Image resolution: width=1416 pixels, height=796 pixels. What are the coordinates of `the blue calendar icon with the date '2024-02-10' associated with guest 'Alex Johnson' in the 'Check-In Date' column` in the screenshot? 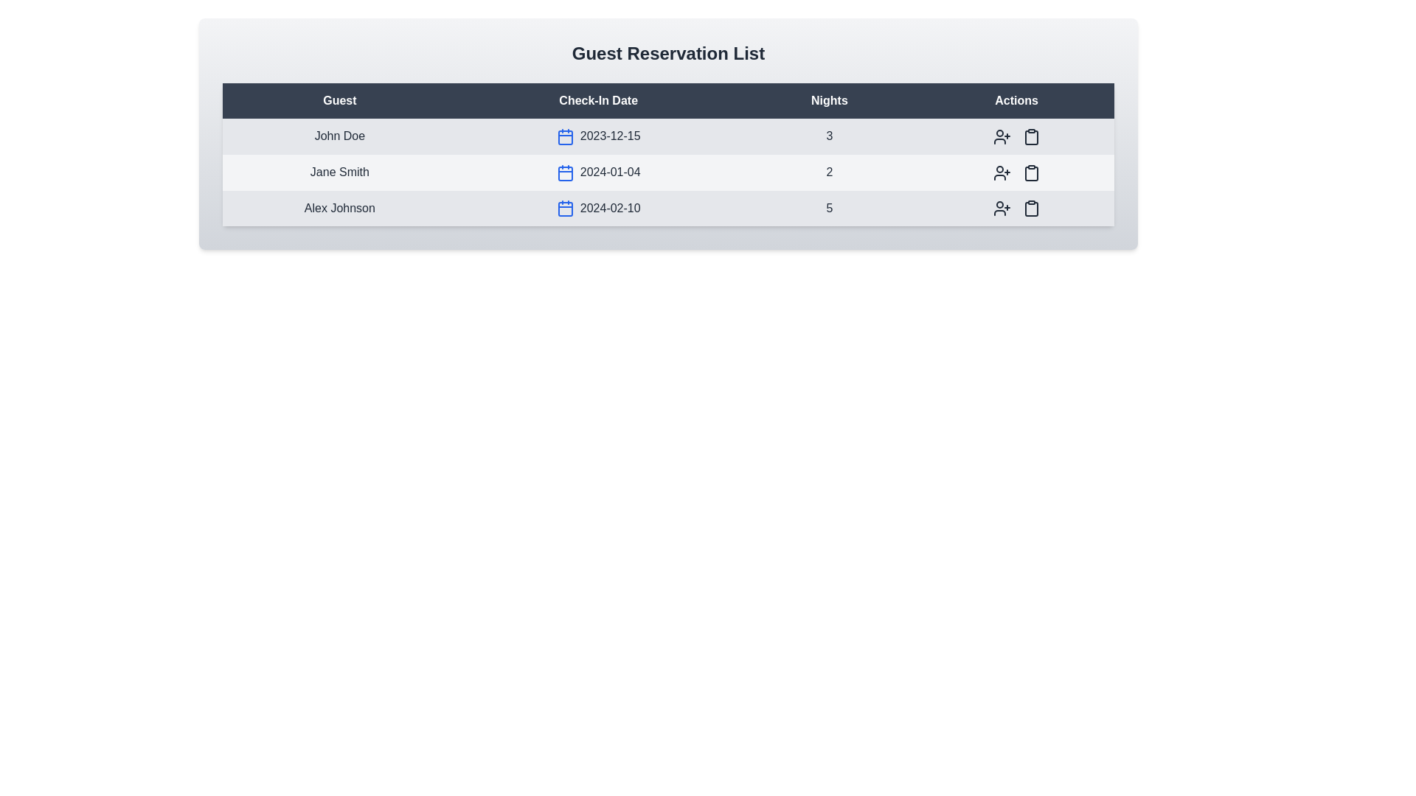 It's located at (598, 208).